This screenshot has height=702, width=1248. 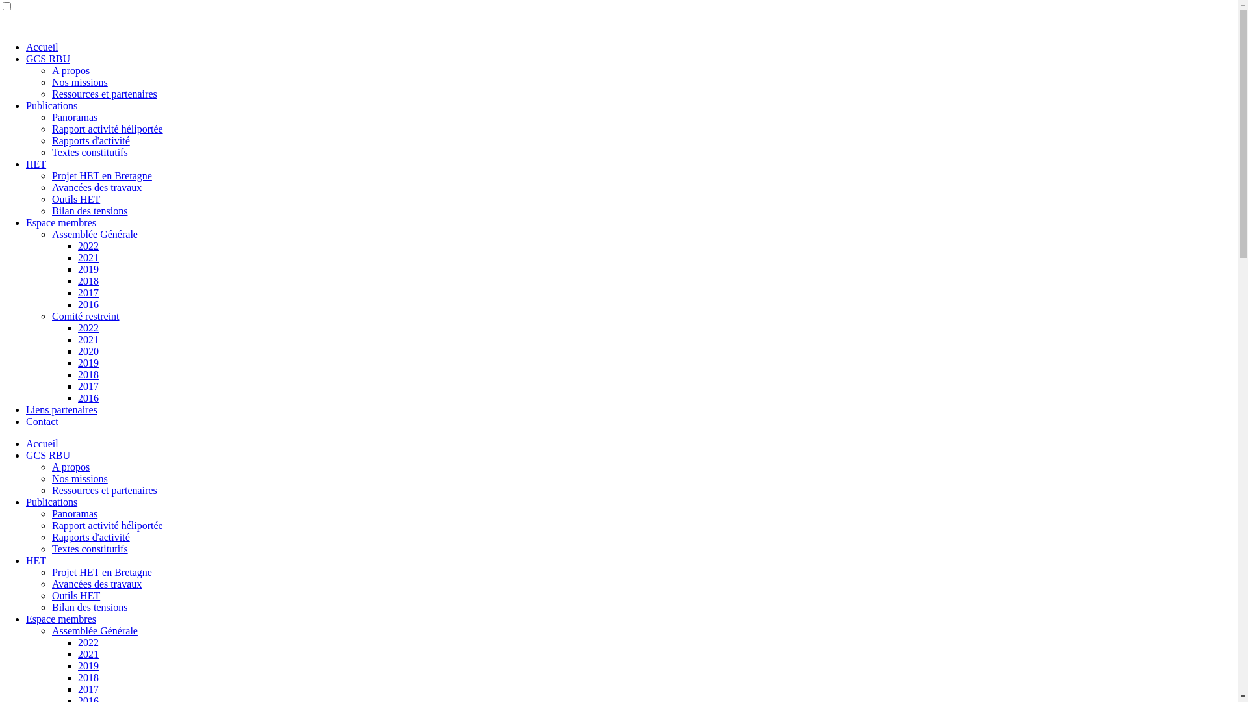 What do you see at coordinates (77, 304) in the screenshot?
I see `'2016'` at bounding box center [77, 304].